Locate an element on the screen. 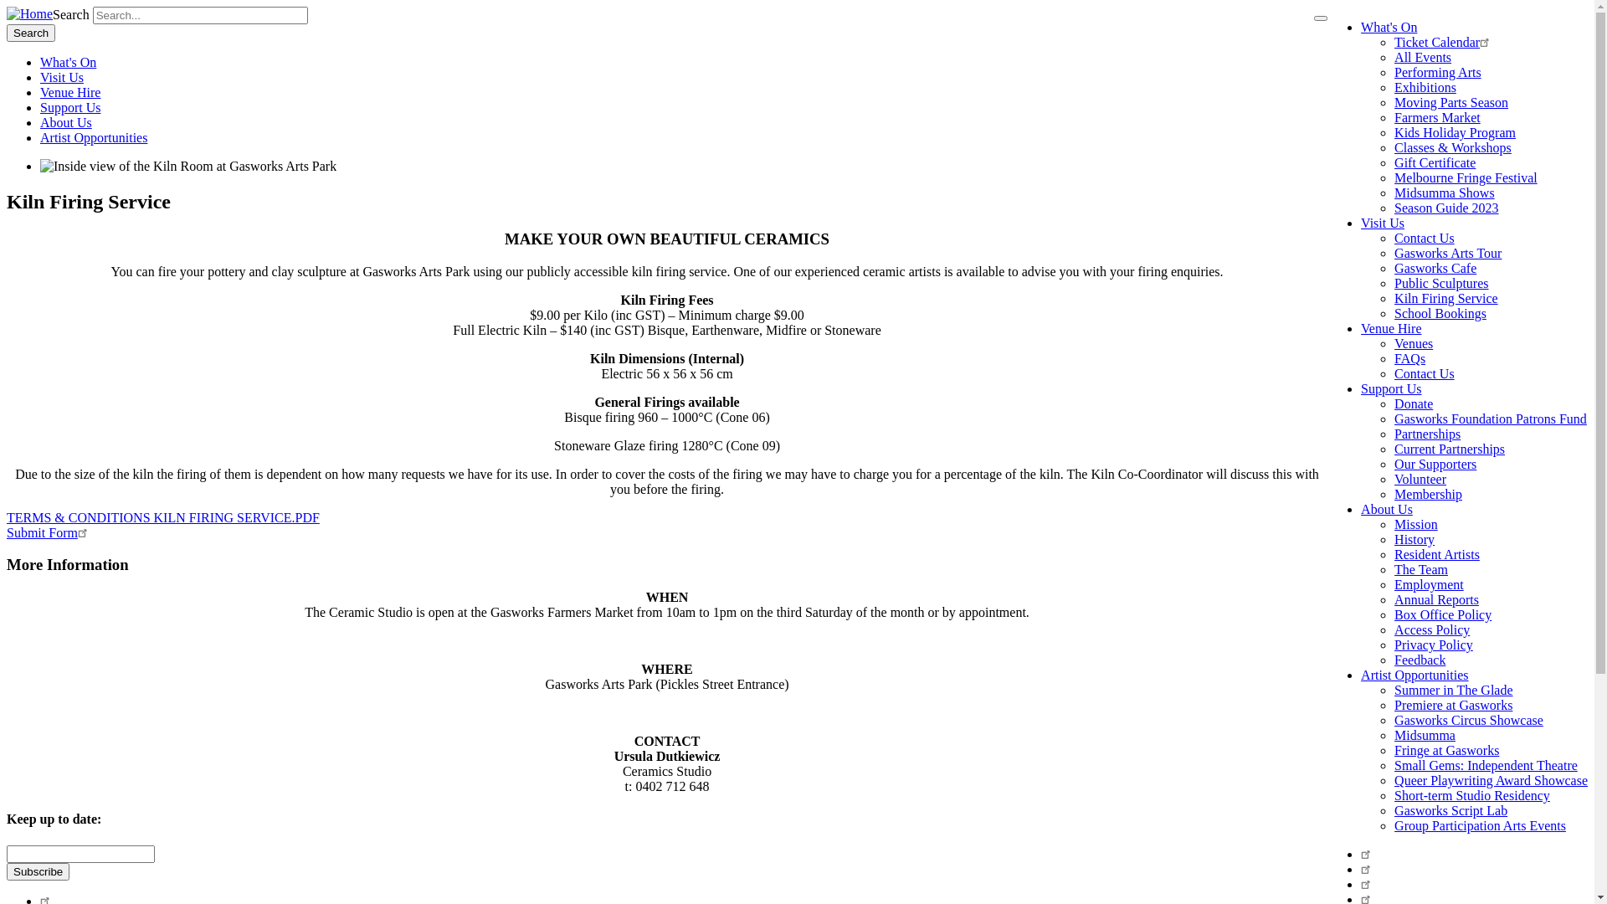  'Box Office Policy' is located at coordinates (1441, 614).